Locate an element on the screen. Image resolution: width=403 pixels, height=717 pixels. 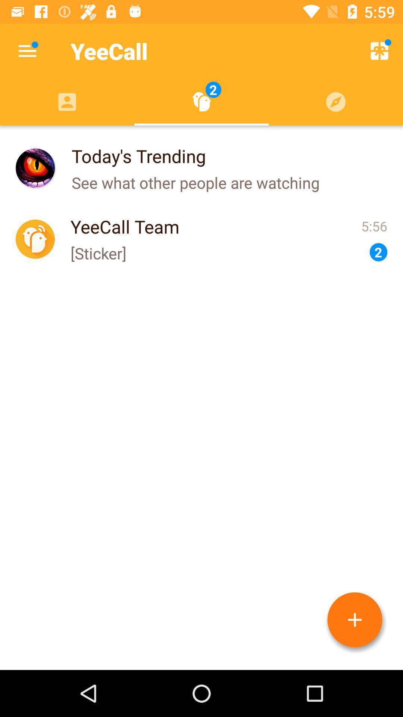
new call is located at coordinates (354, 620).